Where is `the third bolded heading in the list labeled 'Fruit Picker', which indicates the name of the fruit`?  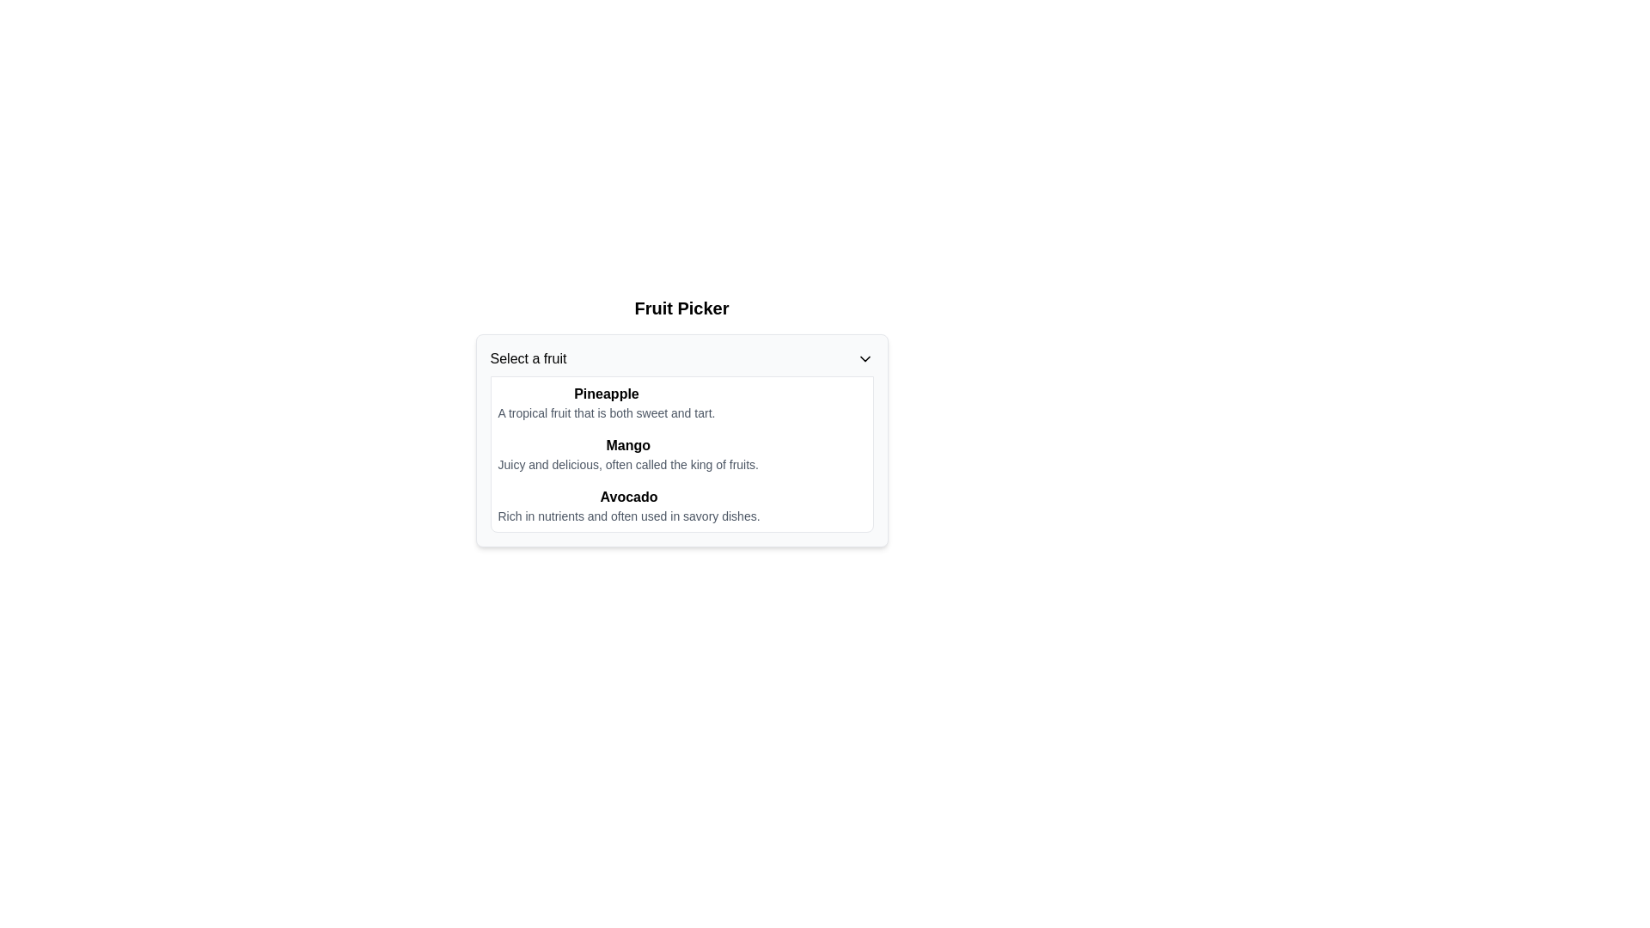
the third bolded heading in the list labeled 'Fruit Picker', which indicates the name of the fruit is located at coordinates (628, 497).